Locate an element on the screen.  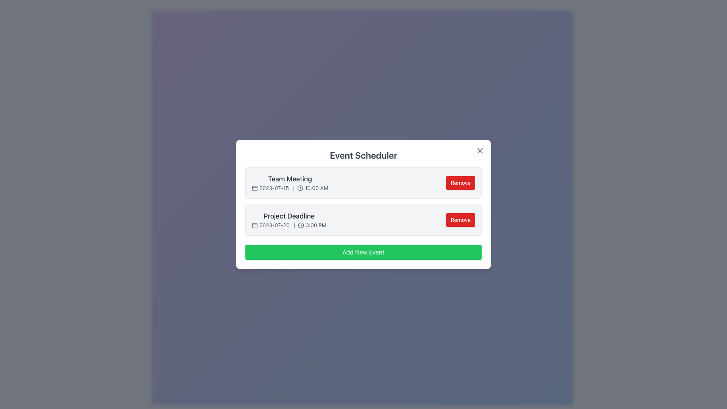
the small circular button with an 'X' symbol located at the top right corner of the modal window to change its color to red is located at coordinates (479, 150).